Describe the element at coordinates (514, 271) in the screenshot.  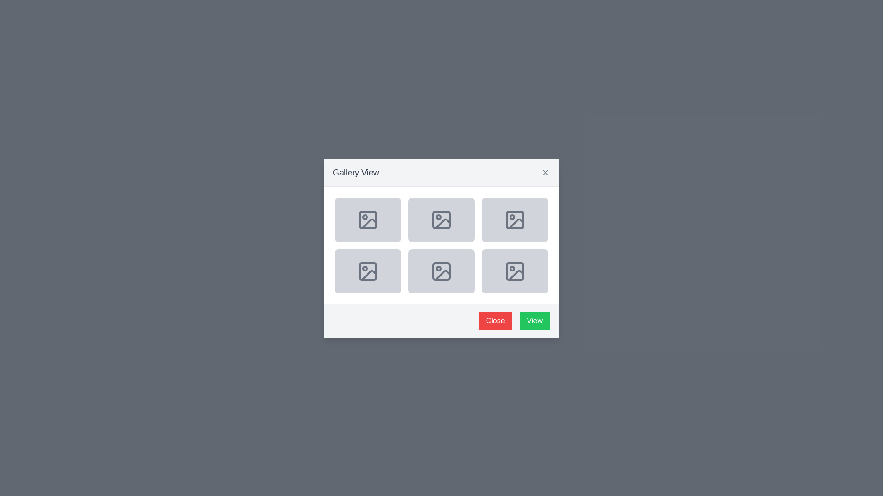
I see `the icon representing an image with a circular marker and a diagonal line located in the bottom-right cell of a 2x3 grid arrangement` at that location.